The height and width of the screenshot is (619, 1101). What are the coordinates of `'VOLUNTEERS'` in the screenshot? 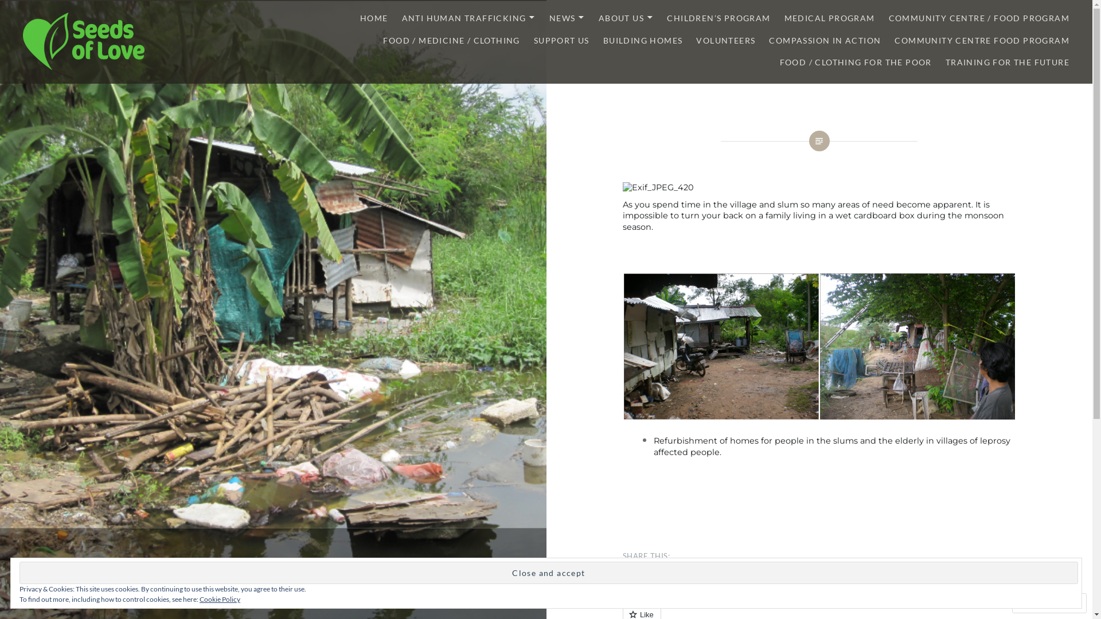 It's located at (725, 40).